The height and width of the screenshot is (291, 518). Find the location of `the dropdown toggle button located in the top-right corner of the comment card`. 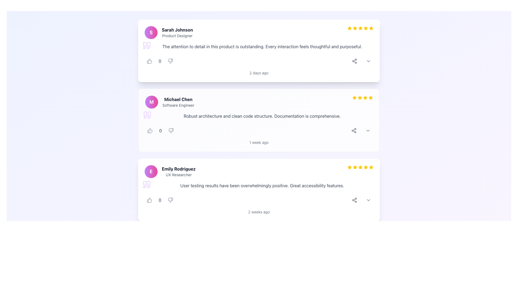

the dropdown toggle button located in the top-right corner of the comment card is located at coordinates (367, 131).